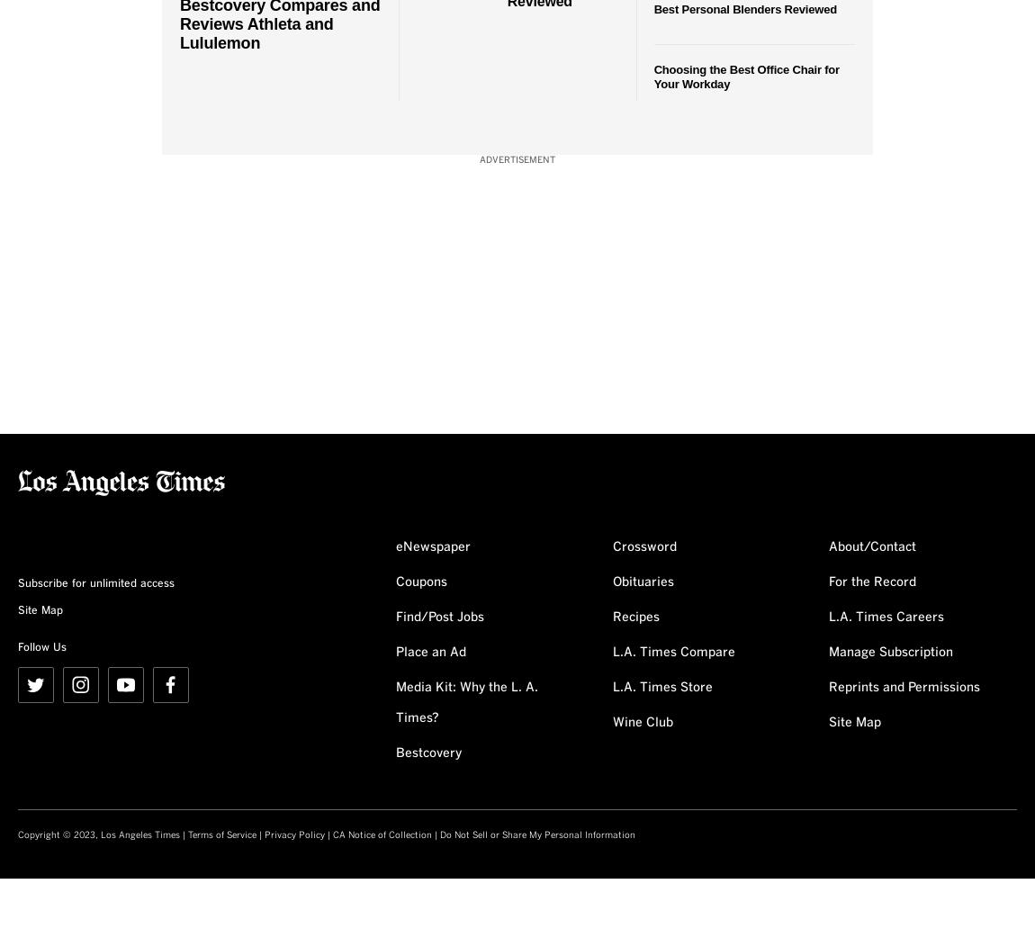 The image size is (1035, 938). Describe the element at coordinates (745, 75) in the screenshot. I see `'Choosing the Best Office Chair for Your Workday'` at that location.